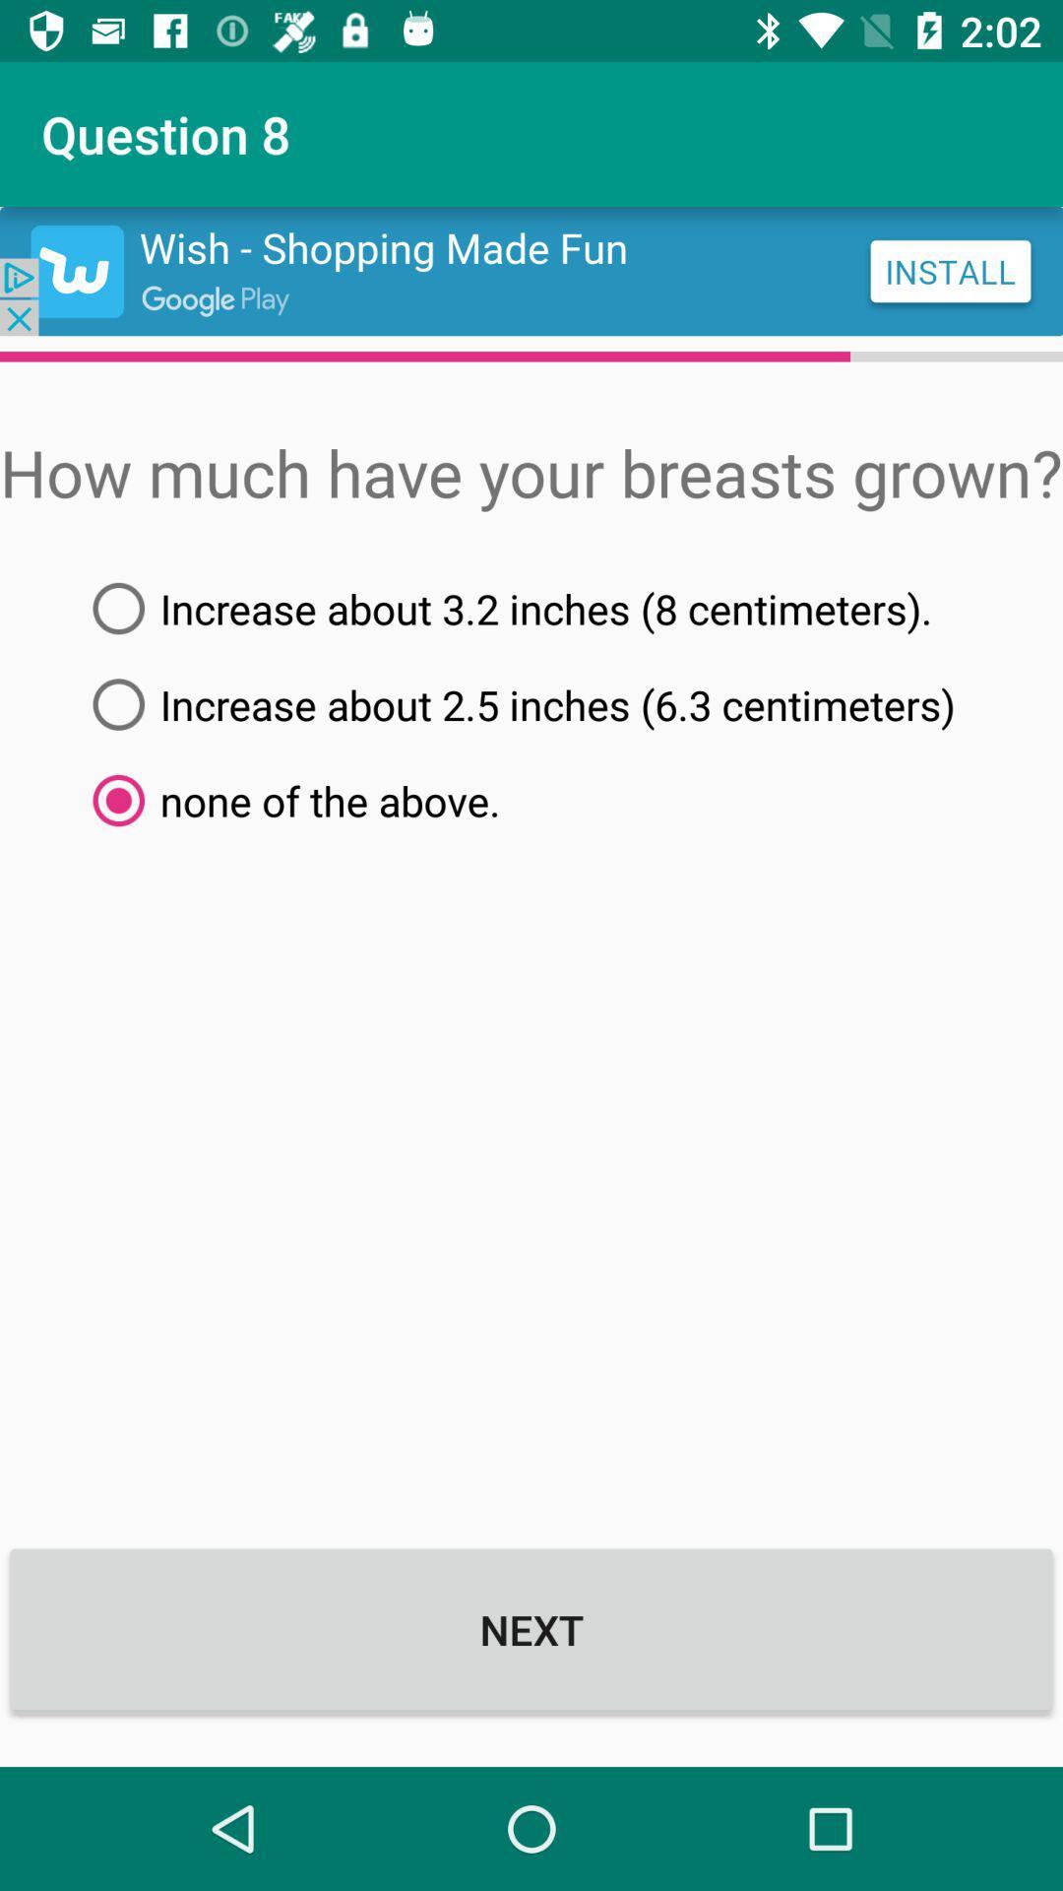 This screenshot has width=1063, height=1891. What do you see at coordinates (531, 270) in the screenshot?
I see `advertisement` at bounding box center [531, 270].